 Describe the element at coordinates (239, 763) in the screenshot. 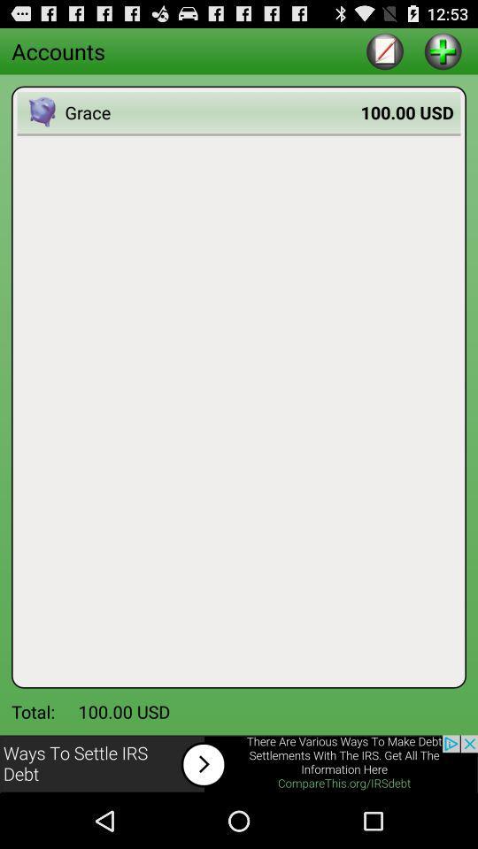

I see `advertisement` at that location.